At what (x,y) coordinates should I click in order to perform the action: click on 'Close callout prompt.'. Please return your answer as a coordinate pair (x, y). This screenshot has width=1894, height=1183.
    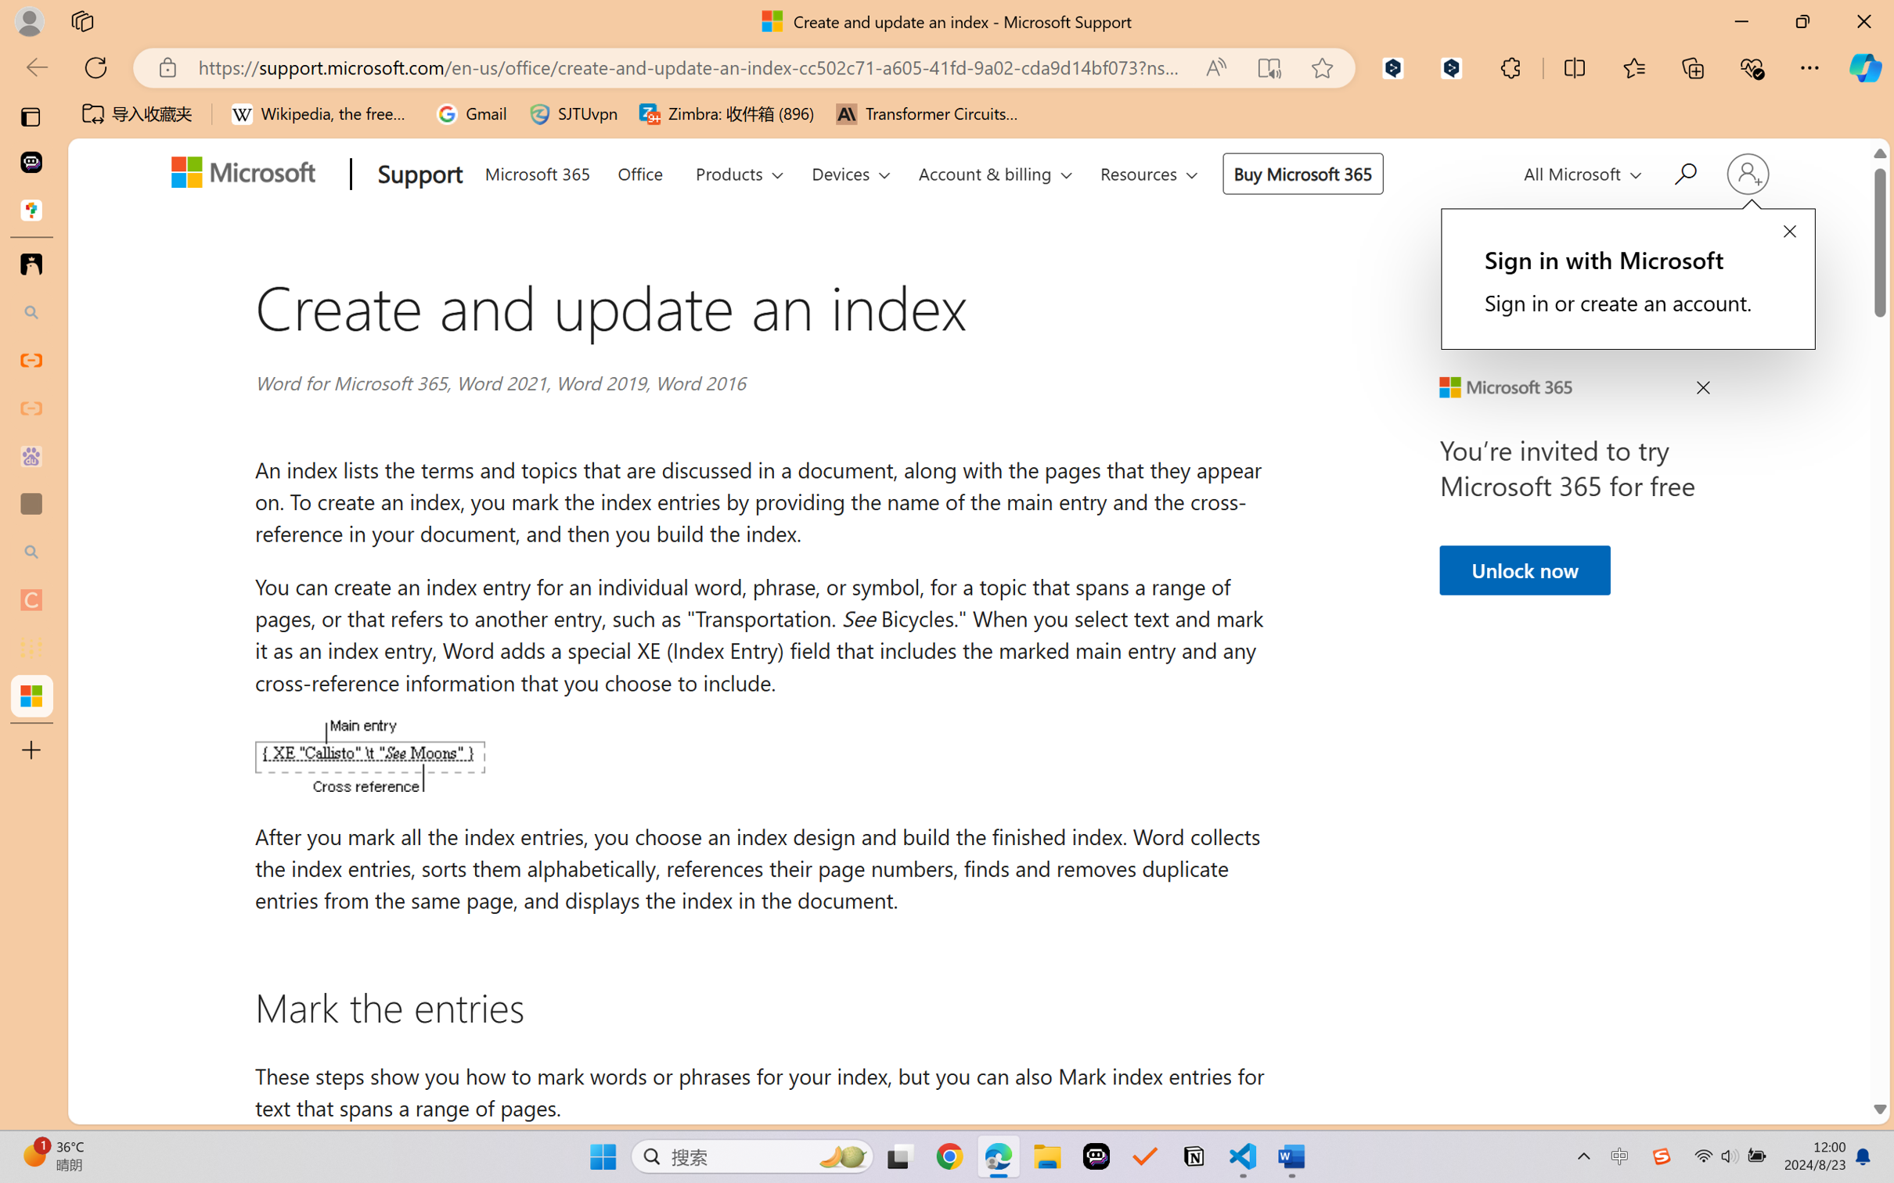
    Looking at the image, I should click on (1788, 233).